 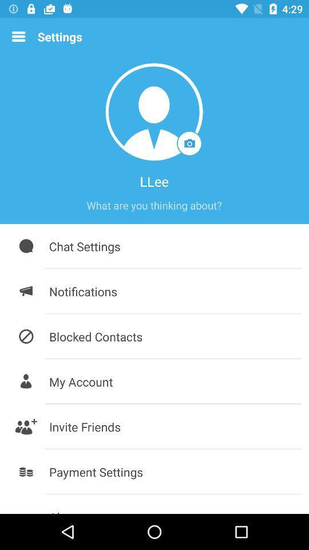 What do you see at coordinates (154, 181) in the screenshot?
I see `the llee` at bounding box center [154, 181].